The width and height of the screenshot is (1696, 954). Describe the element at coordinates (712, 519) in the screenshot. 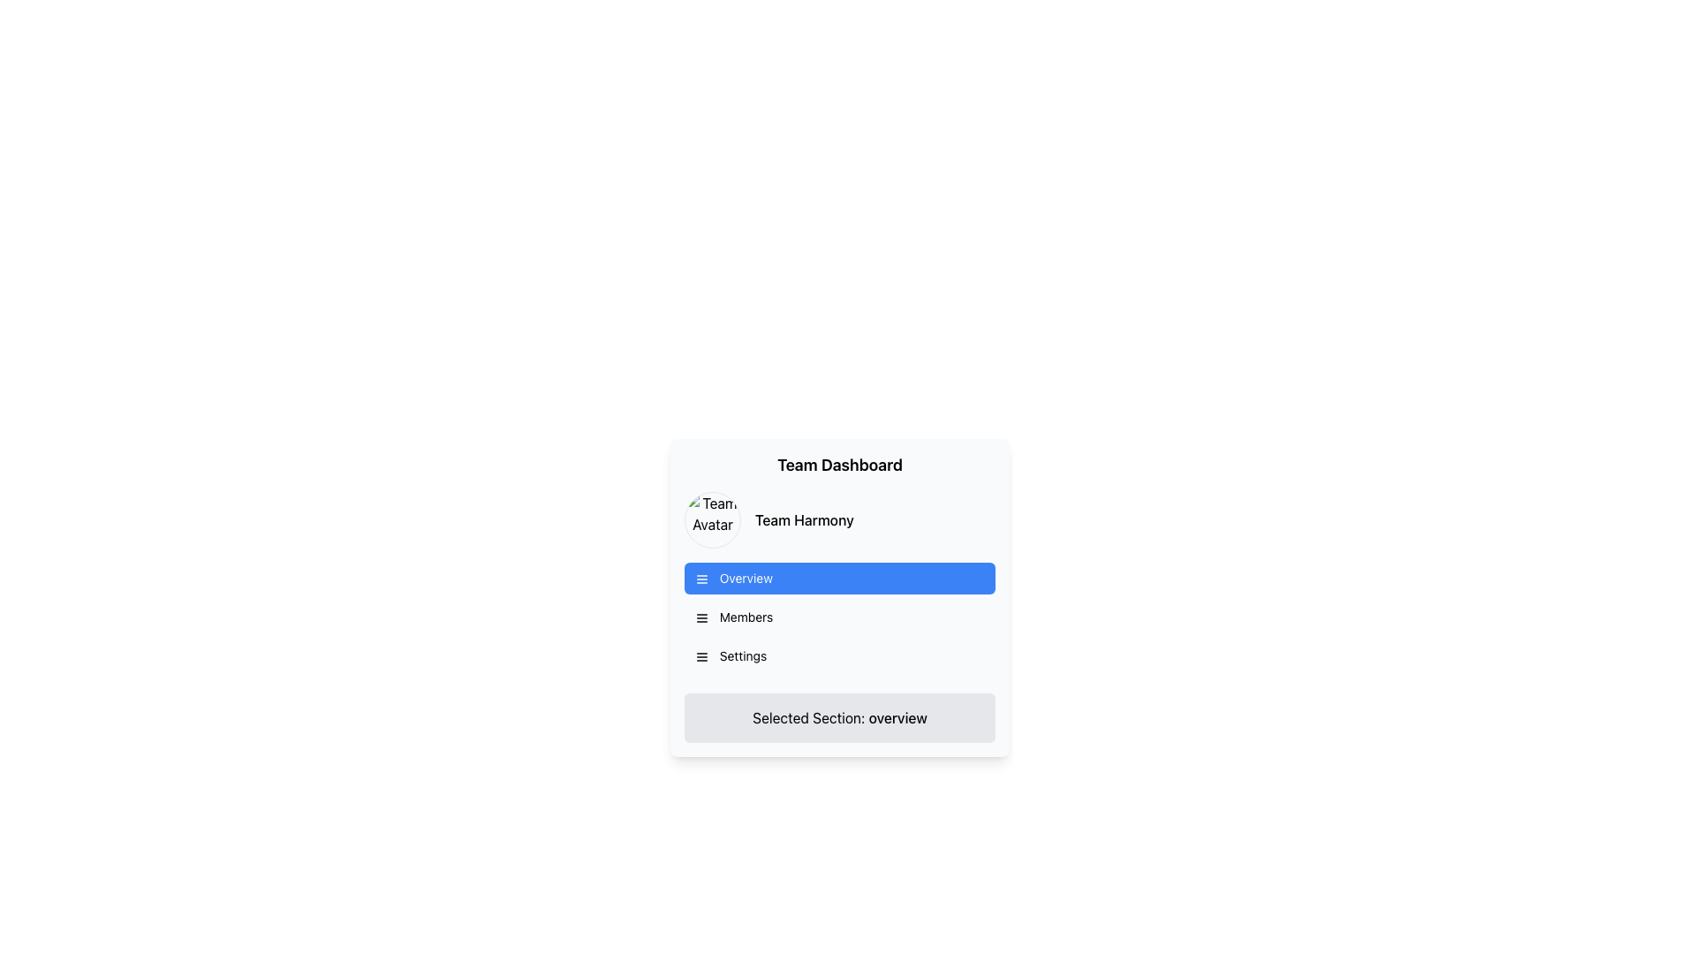

I see `the circular icon with a placeholder image and text reading 'Team Avatar', located on the left side of the team section header adjacent to 'Team Harmony'` at that location.